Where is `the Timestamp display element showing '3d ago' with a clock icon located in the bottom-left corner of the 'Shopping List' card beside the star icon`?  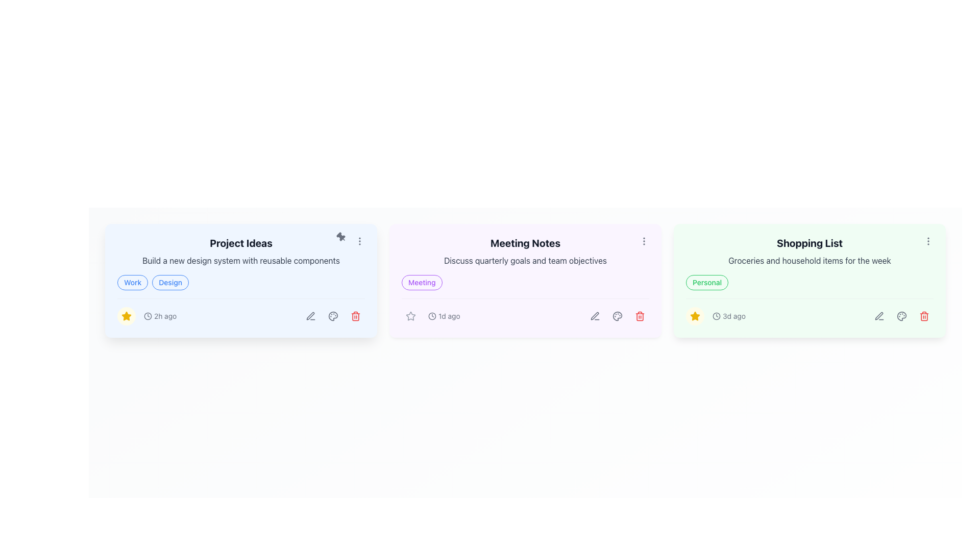
the Timestamp display element showing '3d ago' with a clock icon located in the bottom-left corner of the 'Shopping List' card beside the star icon is located at coordinates (715, 316).